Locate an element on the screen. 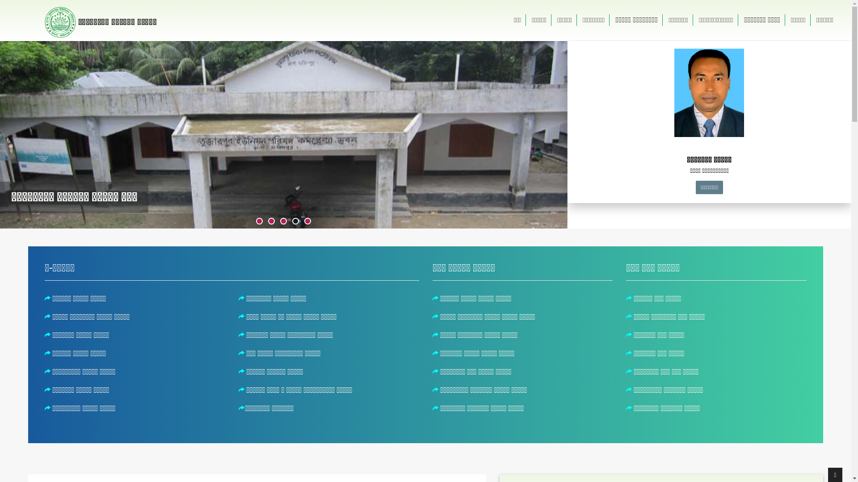  '1' is located at coordinates (259, 221).